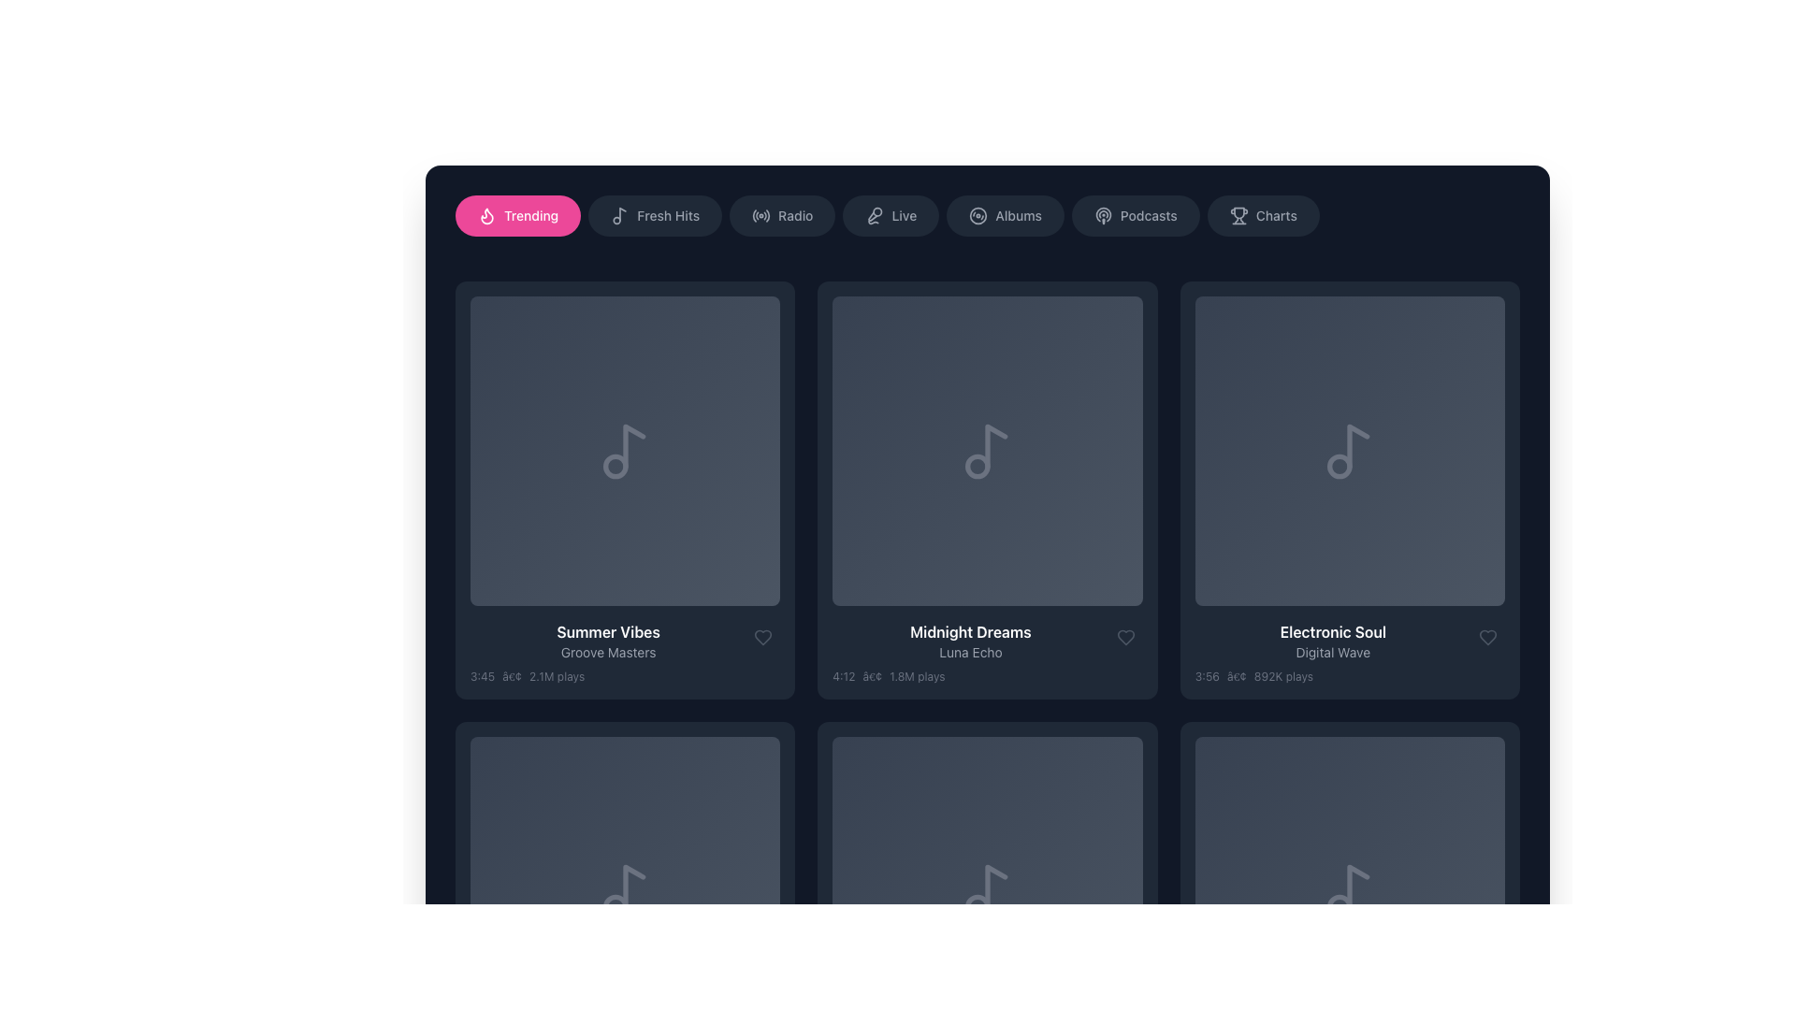 This screenshot has width=1796, height=1010. What do you see at coordinates (625, 451) in the screenshot?
I see `the first square-shaped card in the grid with a gradient background and a music note icon` at bounding box center [625, 451].